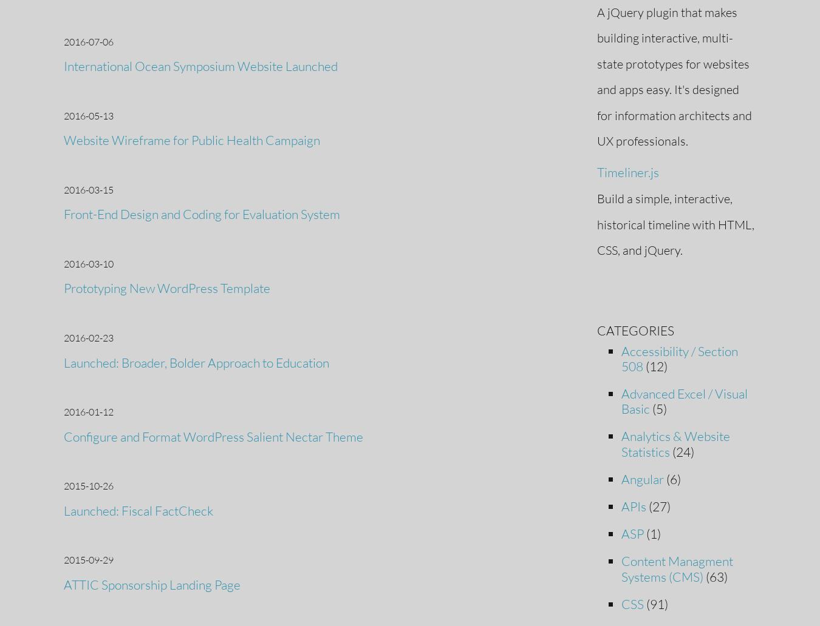 Image resolution: width=820 pixels, height=626 pixels. I want to click on 'Categories', so click(635, 329).